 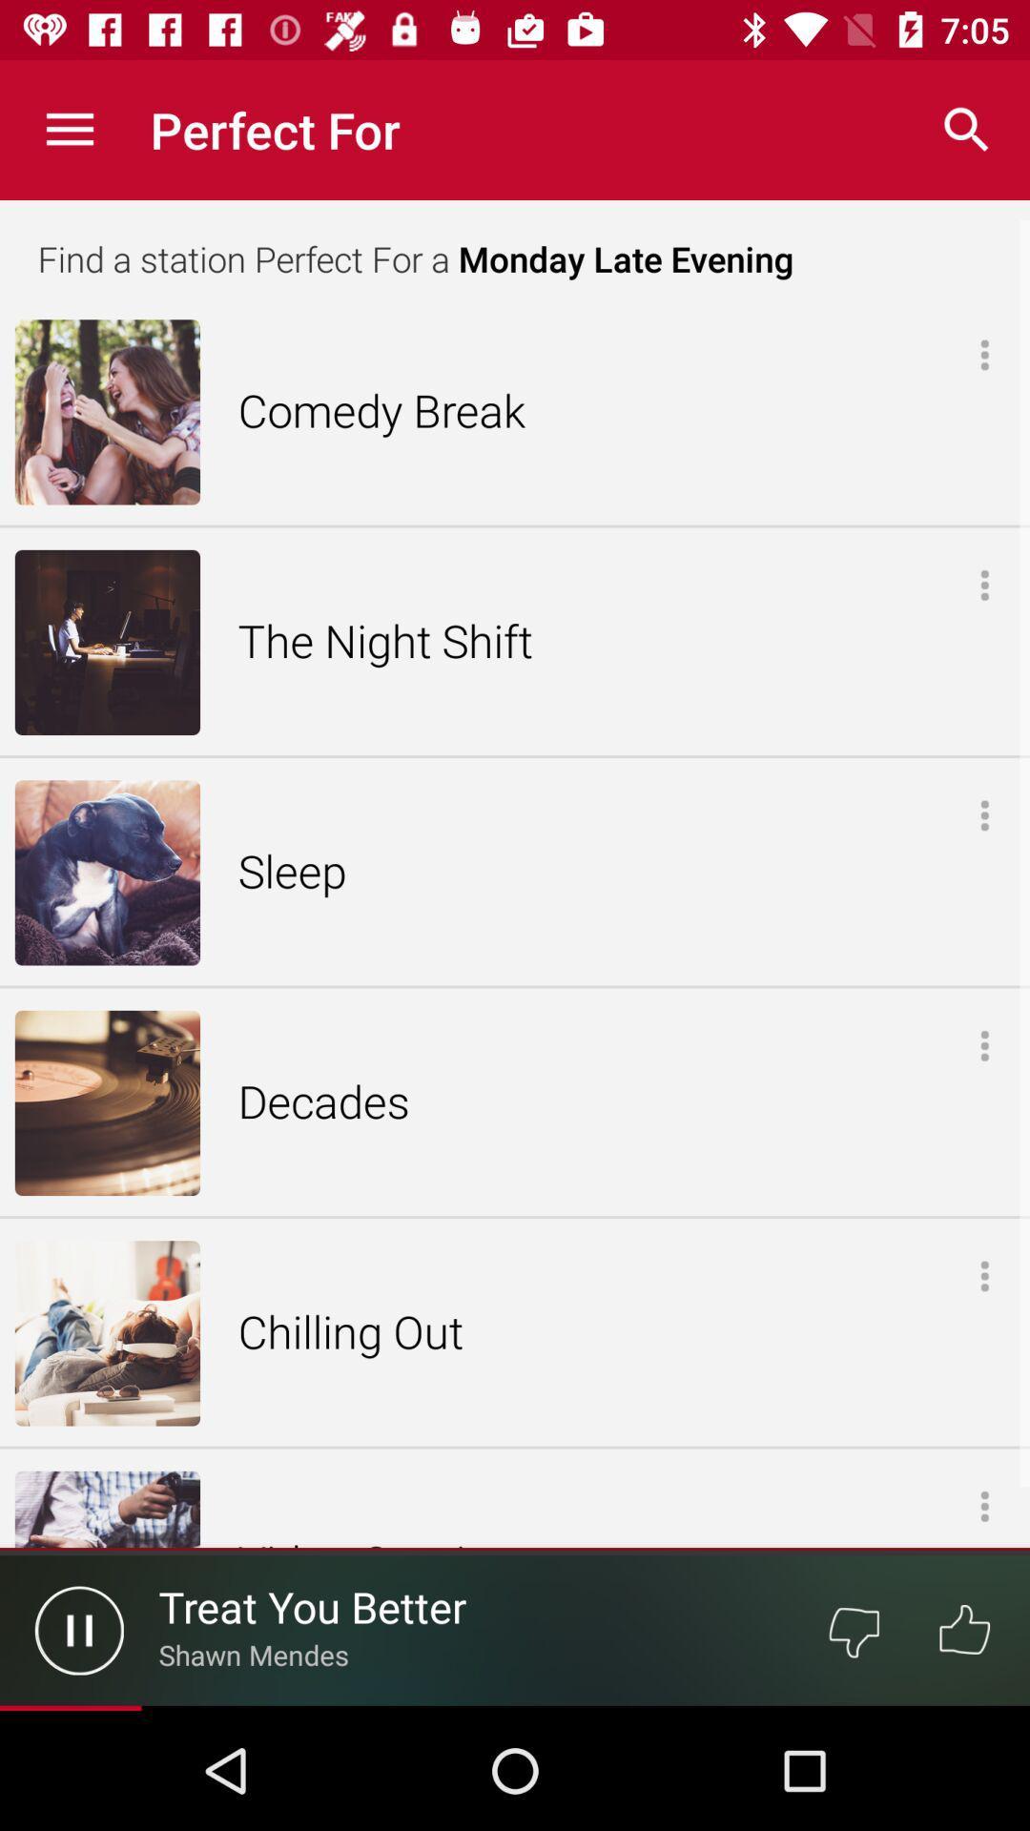 What do you see at coordinates (853, 1629) in the screenshot?
I see `dislike button at the bottom` at bounding box center [853, 1629].